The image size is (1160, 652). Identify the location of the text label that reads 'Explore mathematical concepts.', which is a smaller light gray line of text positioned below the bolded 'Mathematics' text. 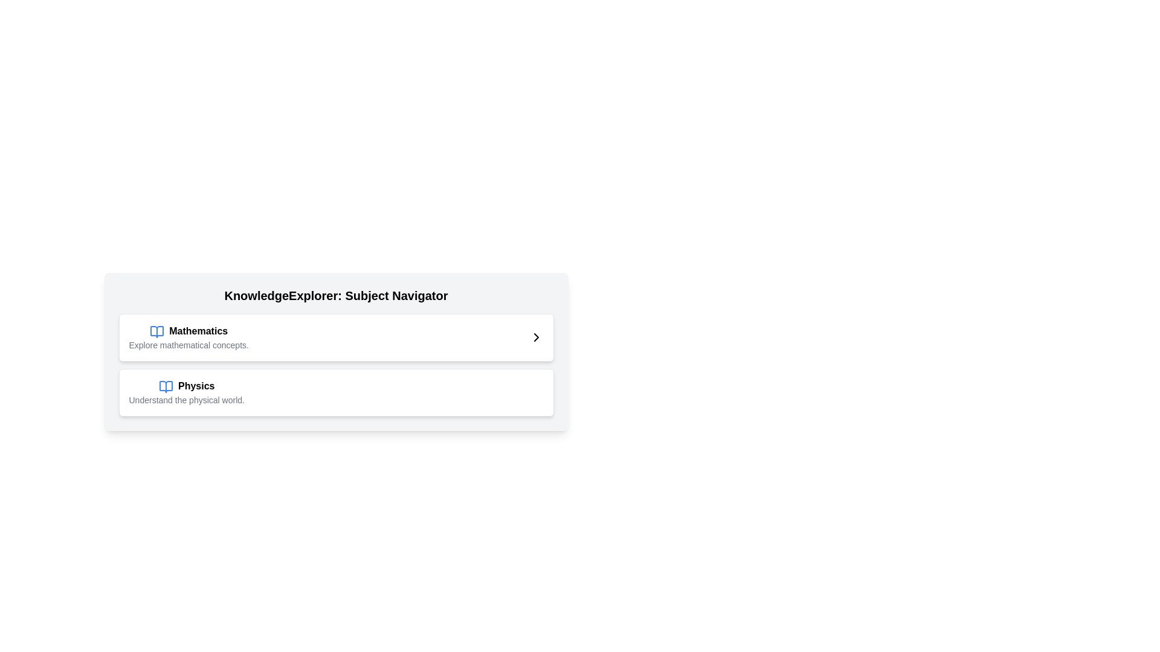
(188, 345).